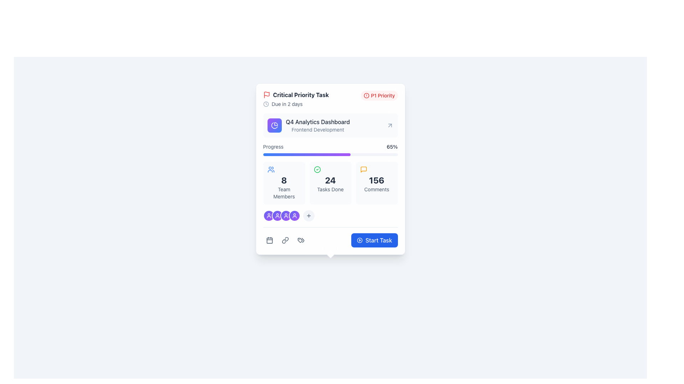  I want to click on the button icon located in the lower part of the card, directly to the right of the circular user profile icons, so click(309, 215).